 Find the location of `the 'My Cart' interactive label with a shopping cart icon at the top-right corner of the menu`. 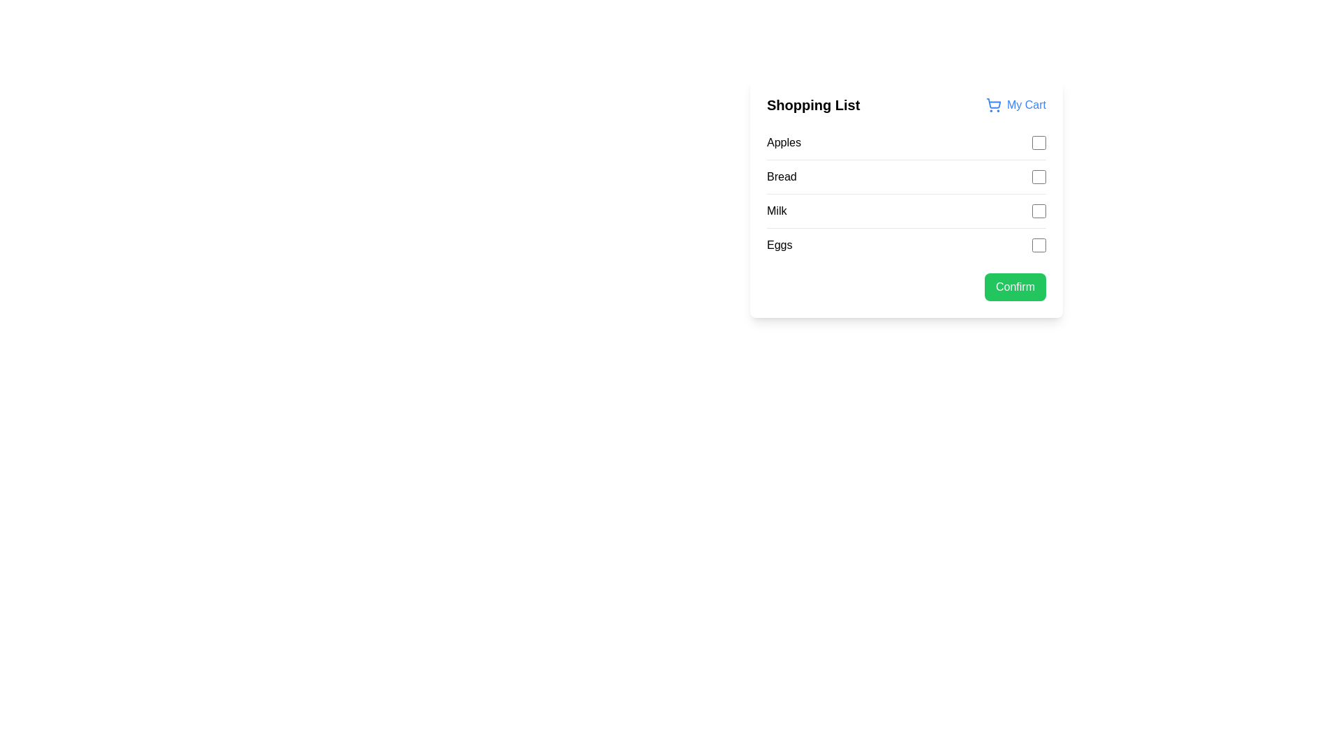

the 'My Cart' interactive label with a shopping cart icon at the top-right corner of the menu is located at coordinates (1015, 104).